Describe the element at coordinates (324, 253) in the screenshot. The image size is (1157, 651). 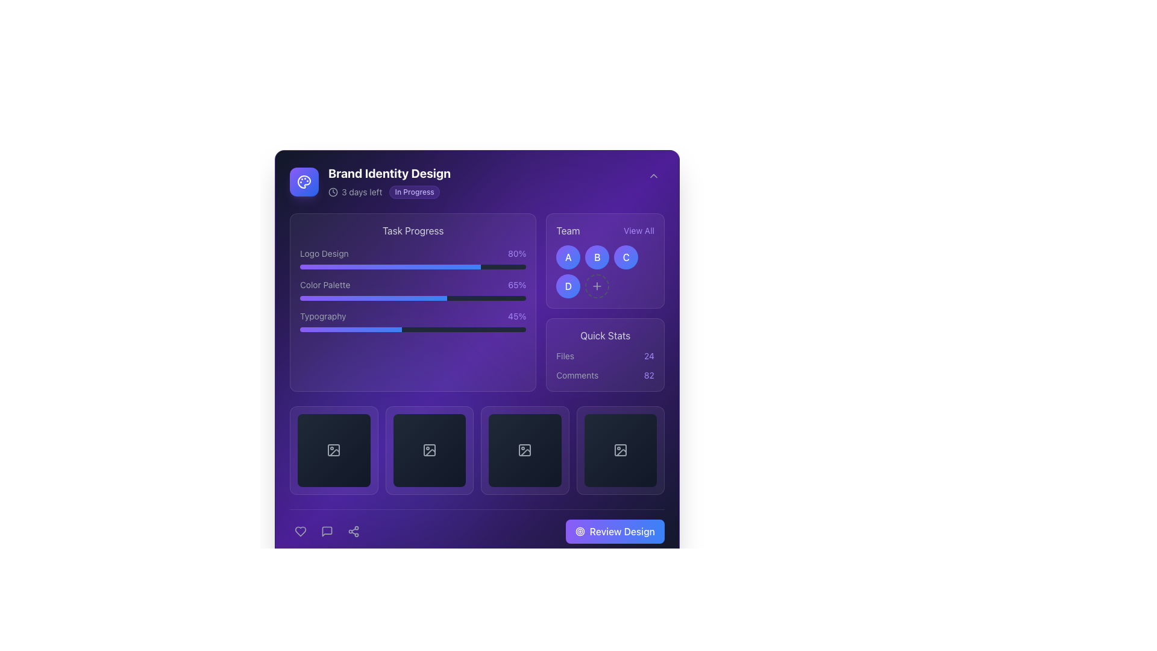
I see `the Text Label that indicates the task related to the progress bar, positioned to the left of the '80%' text in the 'Task Progress' box` at that location.